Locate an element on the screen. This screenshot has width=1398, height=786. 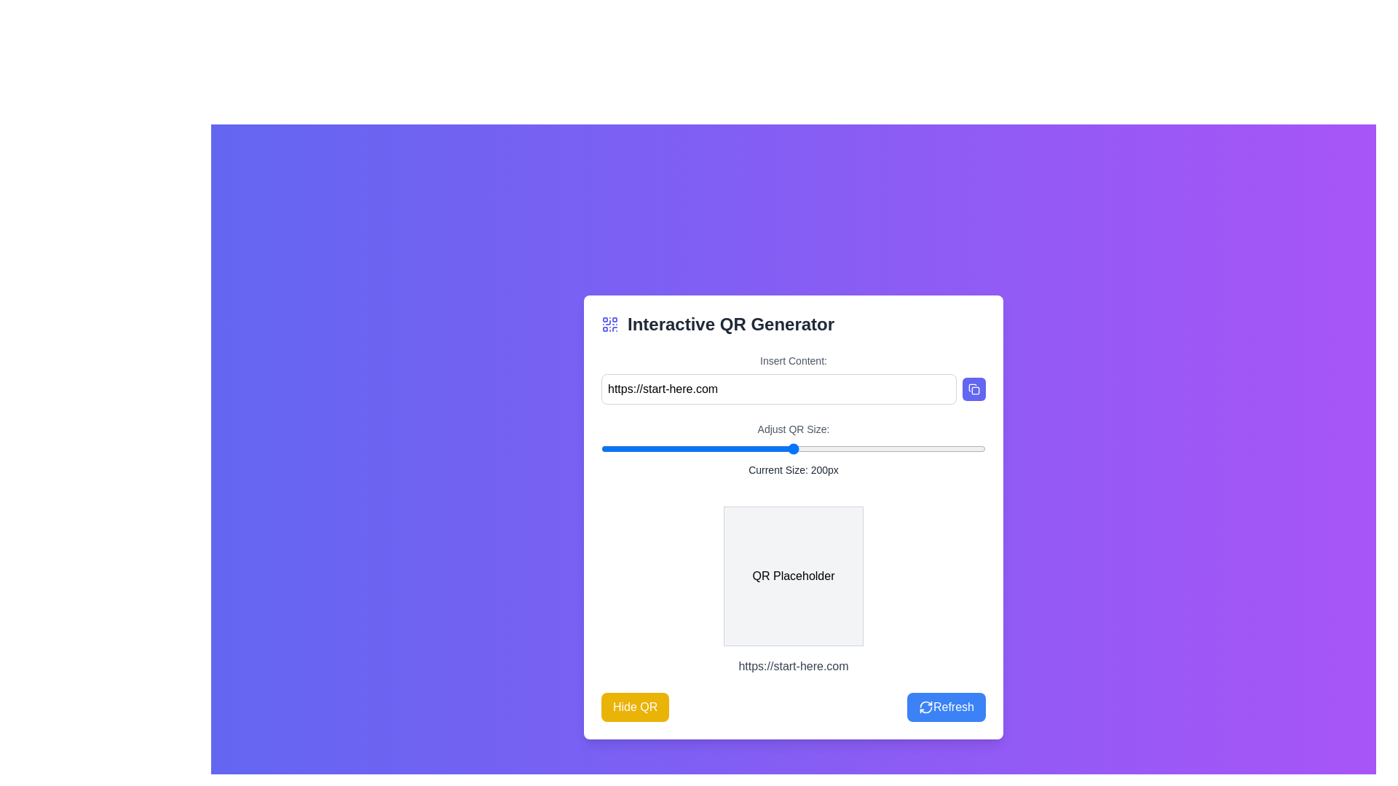
the 'Refresh' icon located at the bottom-right corner of the interactive QR generator interface, which is visually represented by a blue rectangular button is located at coordinates (925, 707).